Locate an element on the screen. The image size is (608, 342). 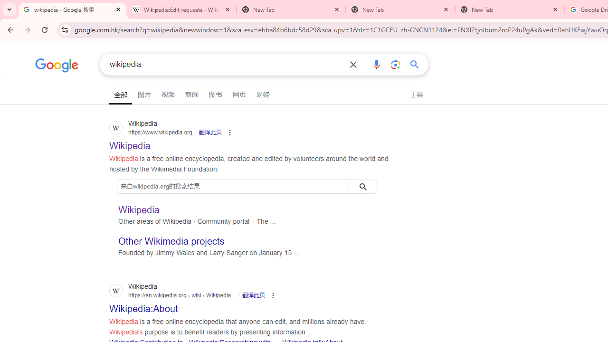
'Search tabs' is located at coordinates (9, 9).